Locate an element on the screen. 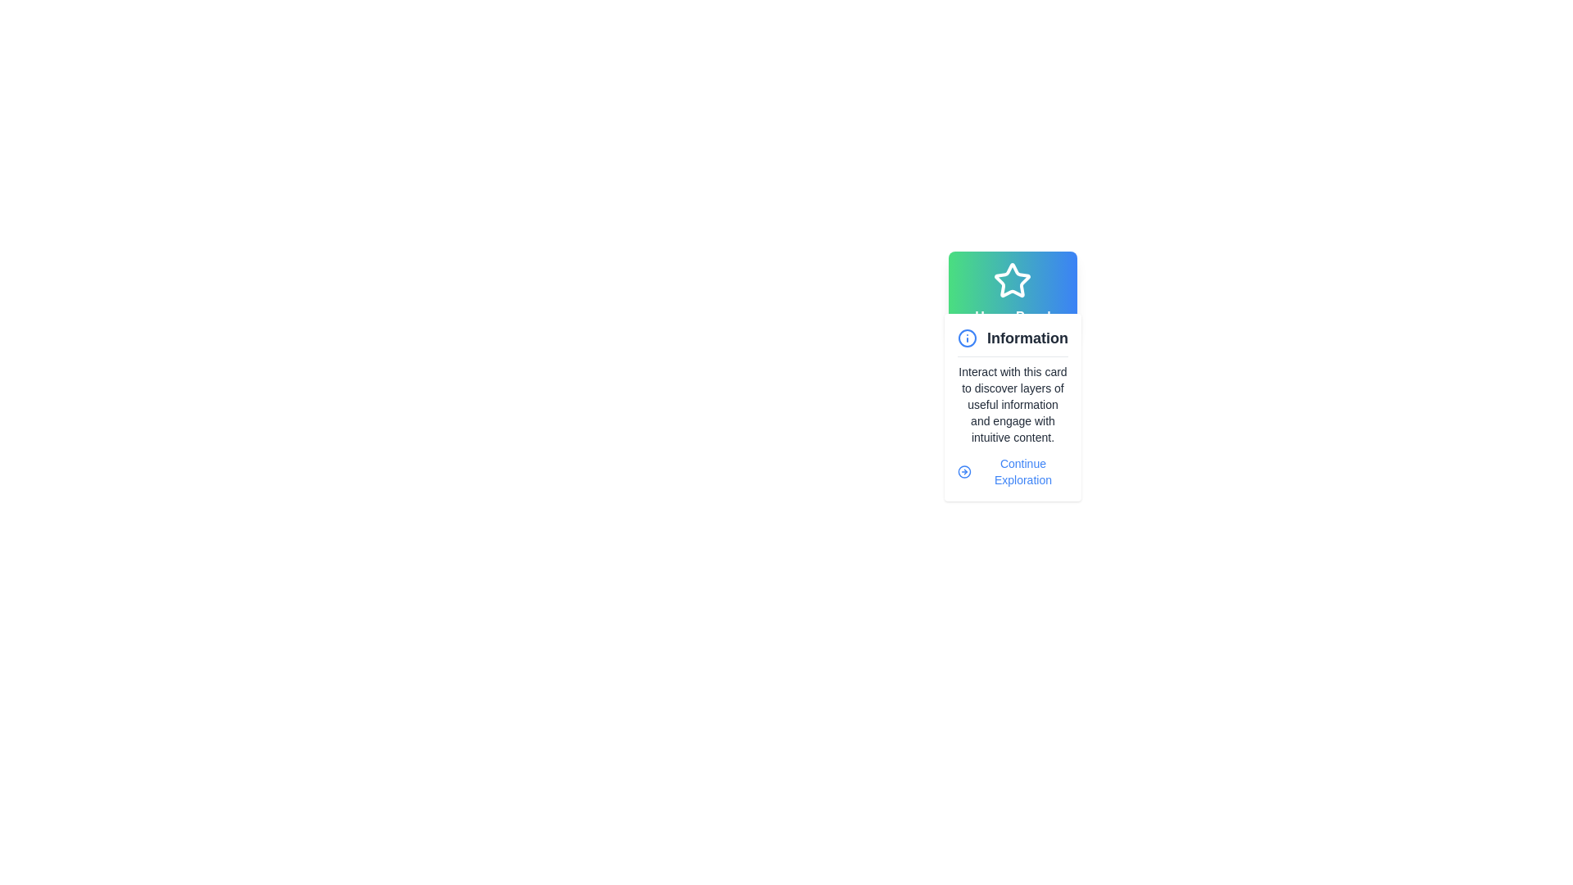 Image resolution: width=1573 pixels, height=885 pixels. the icon located to the left of the 'Continue Exploration' text element is located at coordinates (964, 471).